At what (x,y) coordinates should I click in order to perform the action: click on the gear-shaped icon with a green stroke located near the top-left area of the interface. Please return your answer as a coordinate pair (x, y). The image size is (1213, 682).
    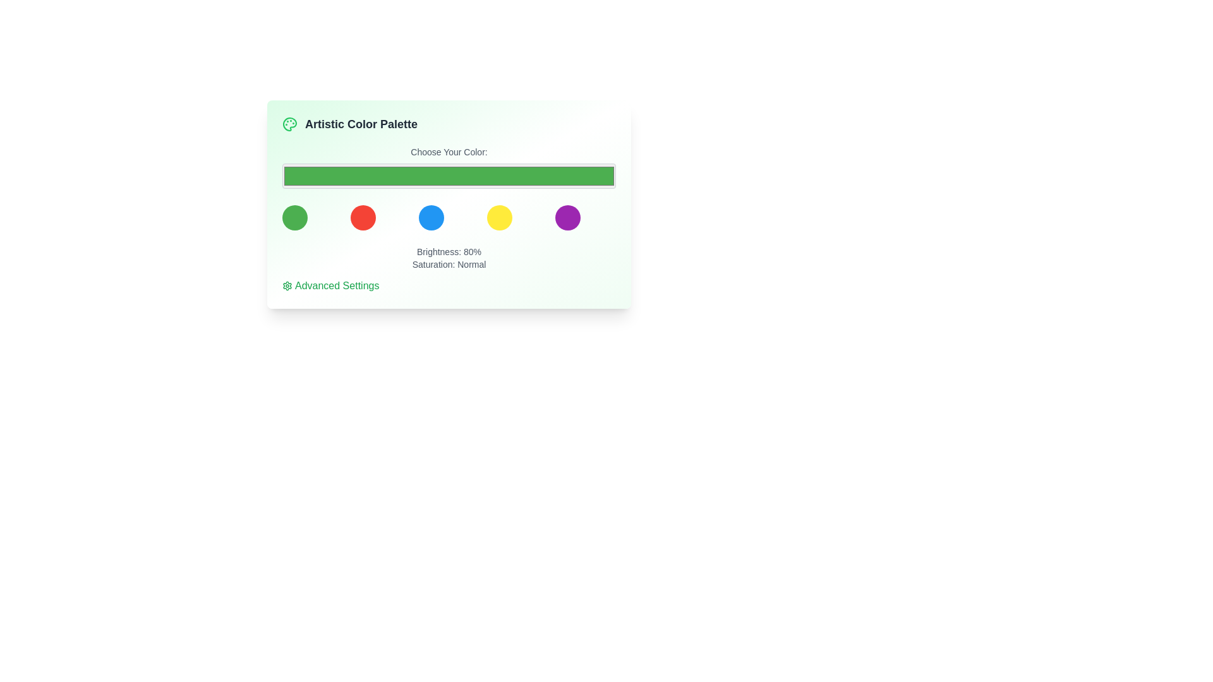
    Looking at the image, I should click on (287, 285).